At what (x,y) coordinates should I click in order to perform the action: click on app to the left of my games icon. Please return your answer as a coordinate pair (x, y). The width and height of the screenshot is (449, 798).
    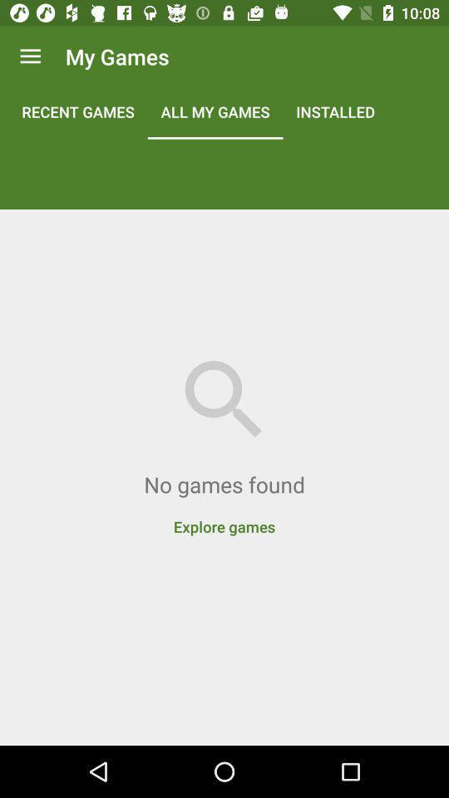
    Looking at the image, I should click on (30, 57).